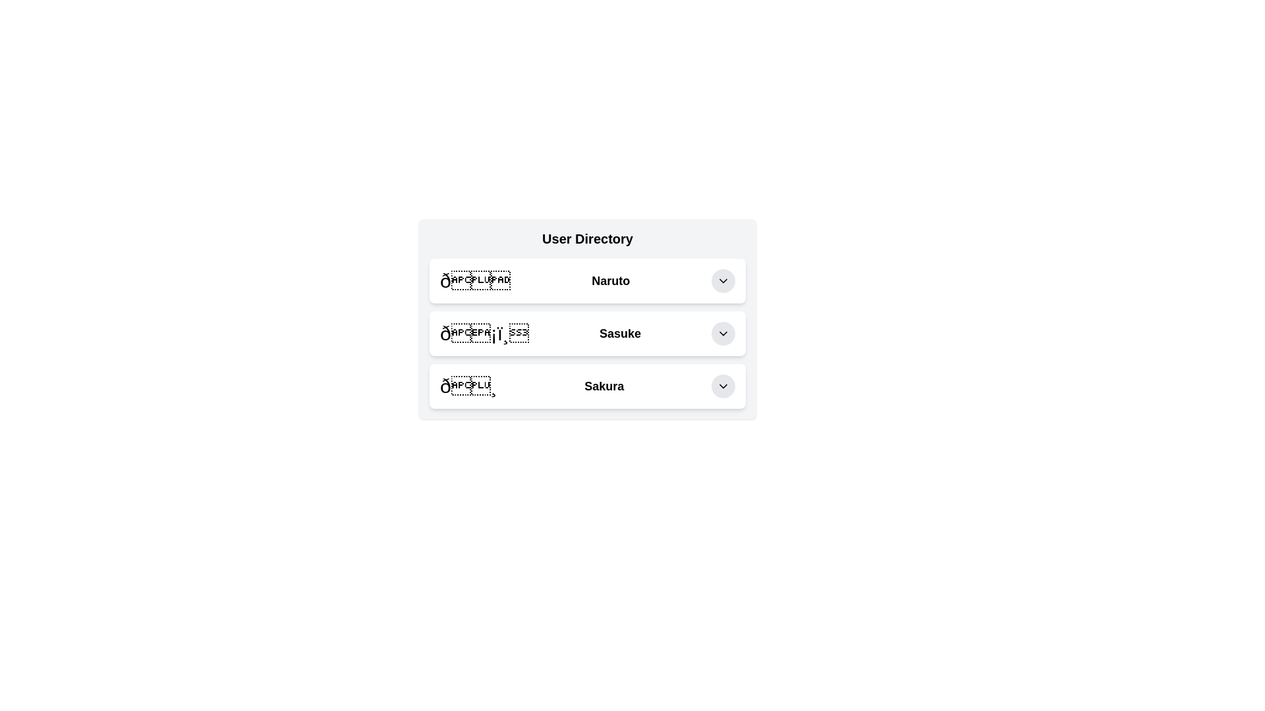 Image resolution: width=1265 pixels, height=711 pixels. Describe the element at coordinates (723, 332) in the screenshot. I see `the small, circular button with a light gray background and a chevron-down icon, located on the rightmost side of the row containing the text 'Sasuke' in the 'User Directory' list` at that location.